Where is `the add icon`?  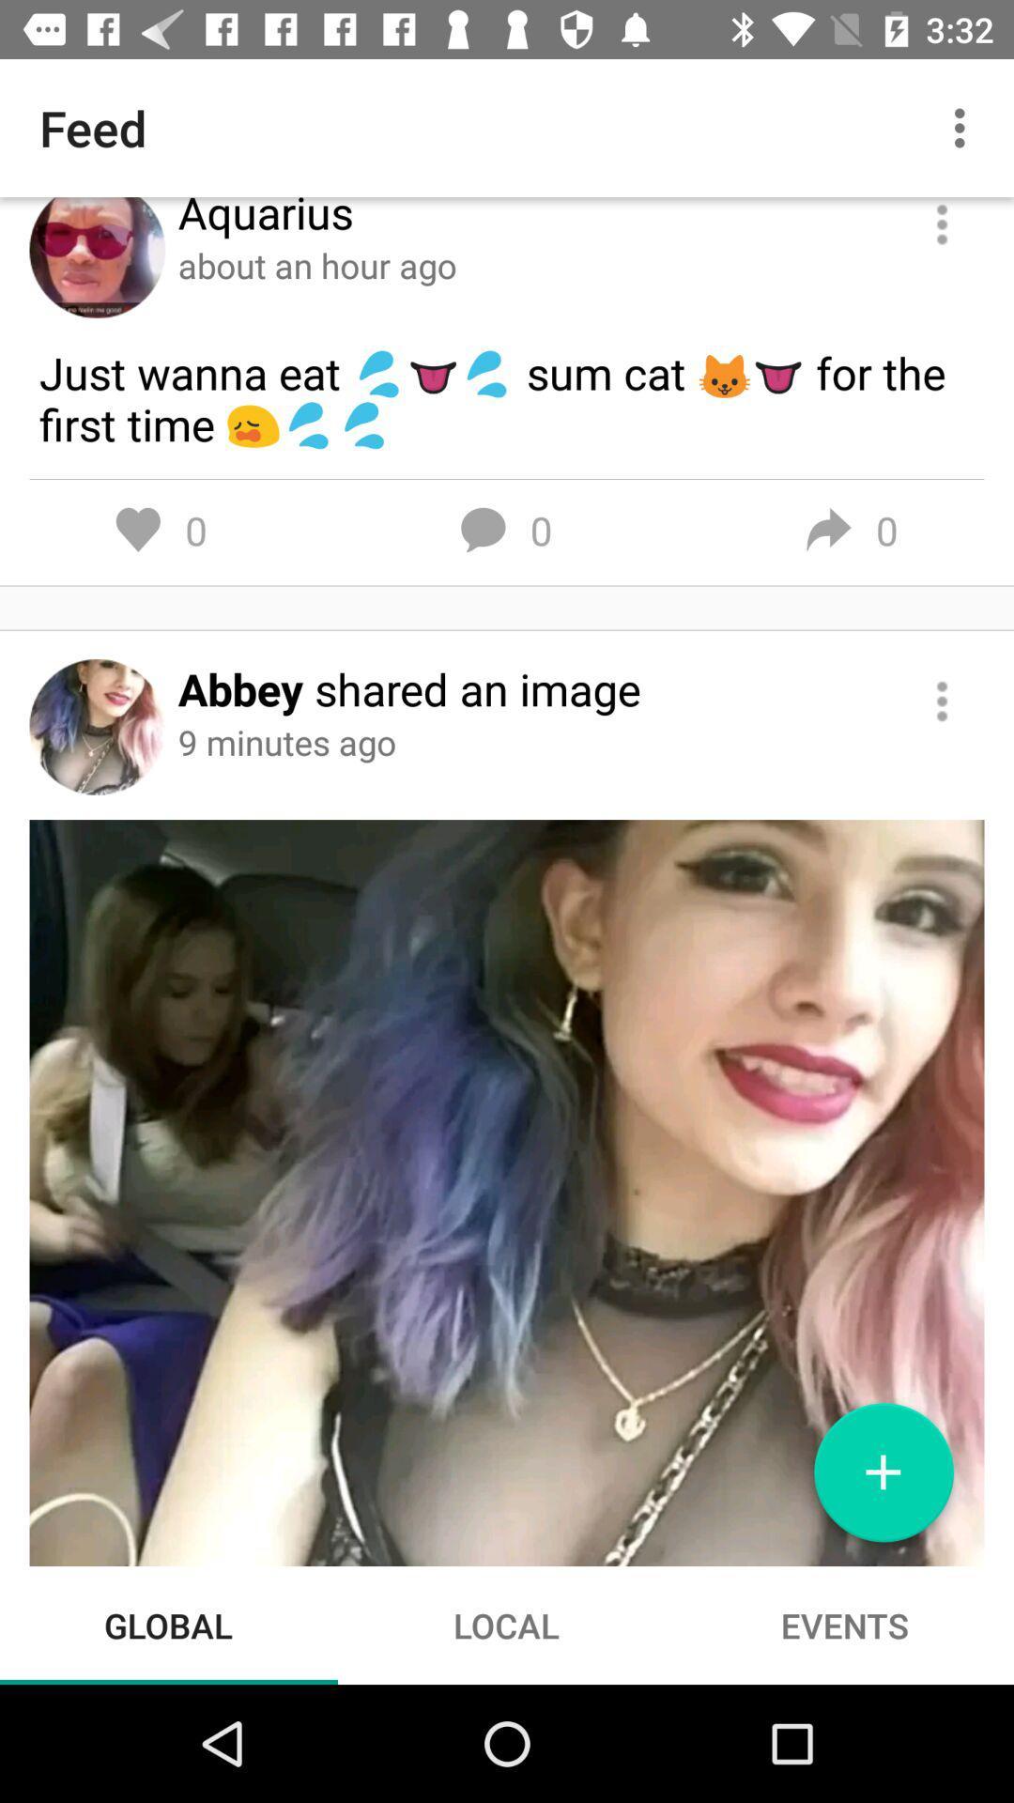
the add icon is located at coordinates (883, 1479).